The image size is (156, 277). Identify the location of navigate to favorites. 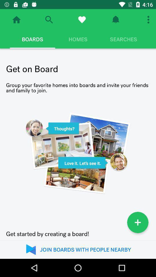
(81, 20).